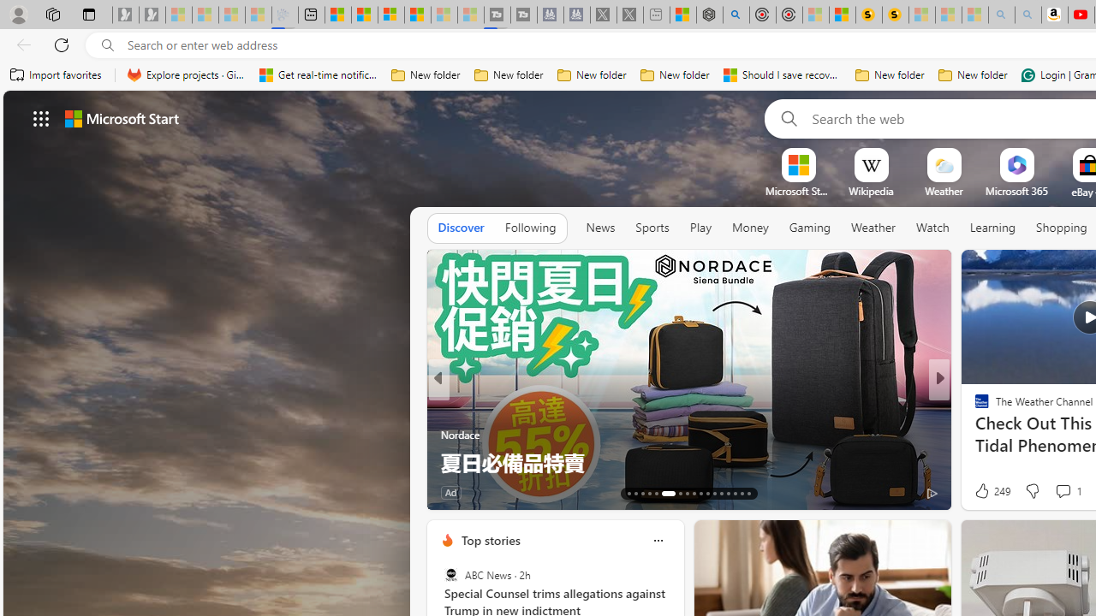 The width and height of the screenshot is (1096, 616). Describe the element at coordinates (974, 433) in the screenshot. I see `'Verywell Mind'` at that location.